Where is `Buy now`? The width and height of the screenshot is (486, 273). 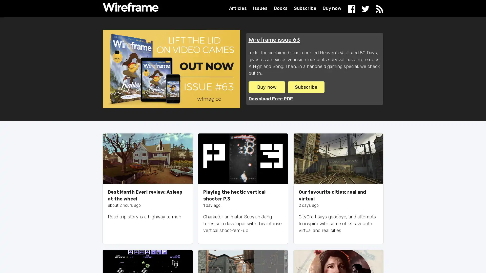 Buy now is located at coordinates (266, 86).